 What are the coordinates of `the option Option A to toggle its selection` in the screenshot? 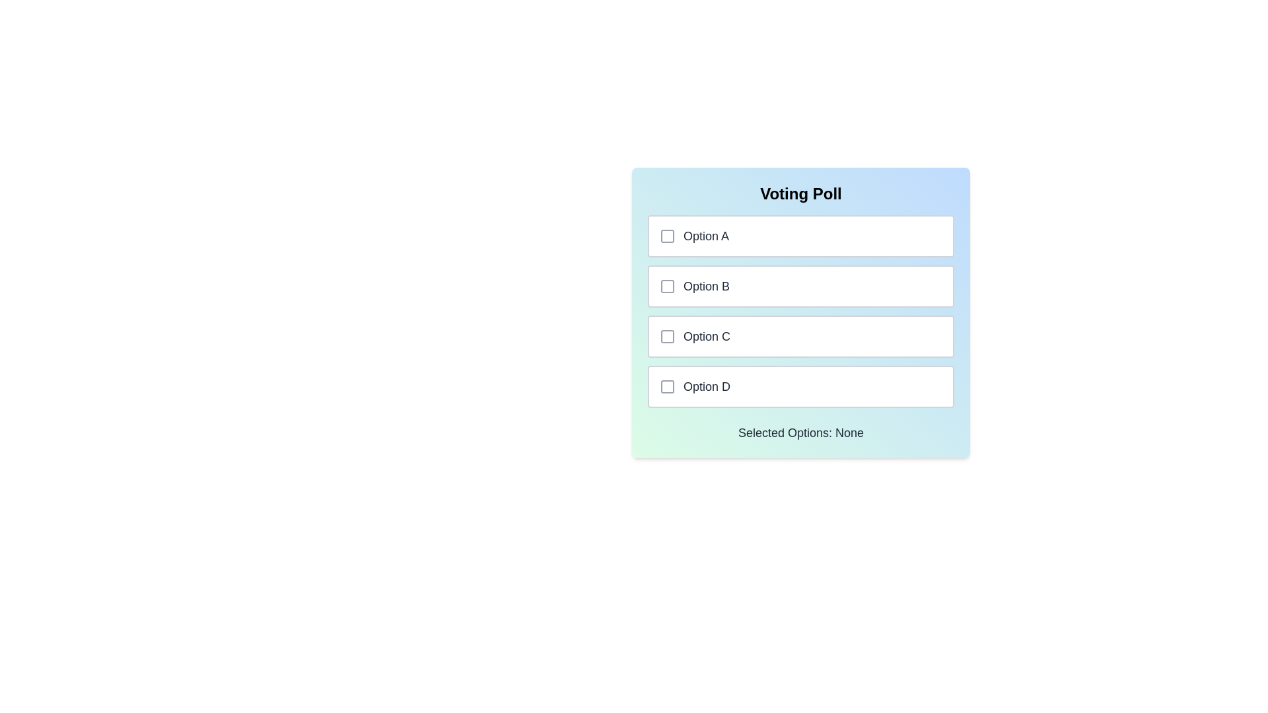 It's located at (800, 236).